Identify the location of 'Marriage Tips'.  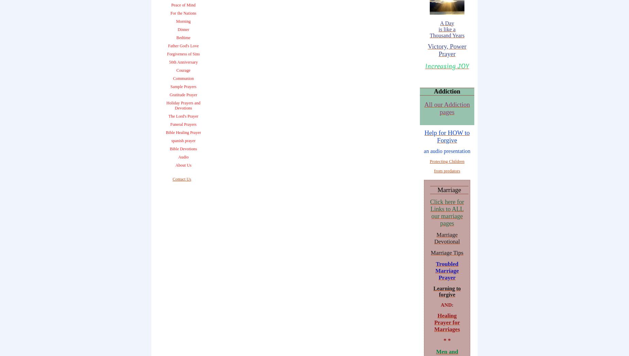
(446, 252).